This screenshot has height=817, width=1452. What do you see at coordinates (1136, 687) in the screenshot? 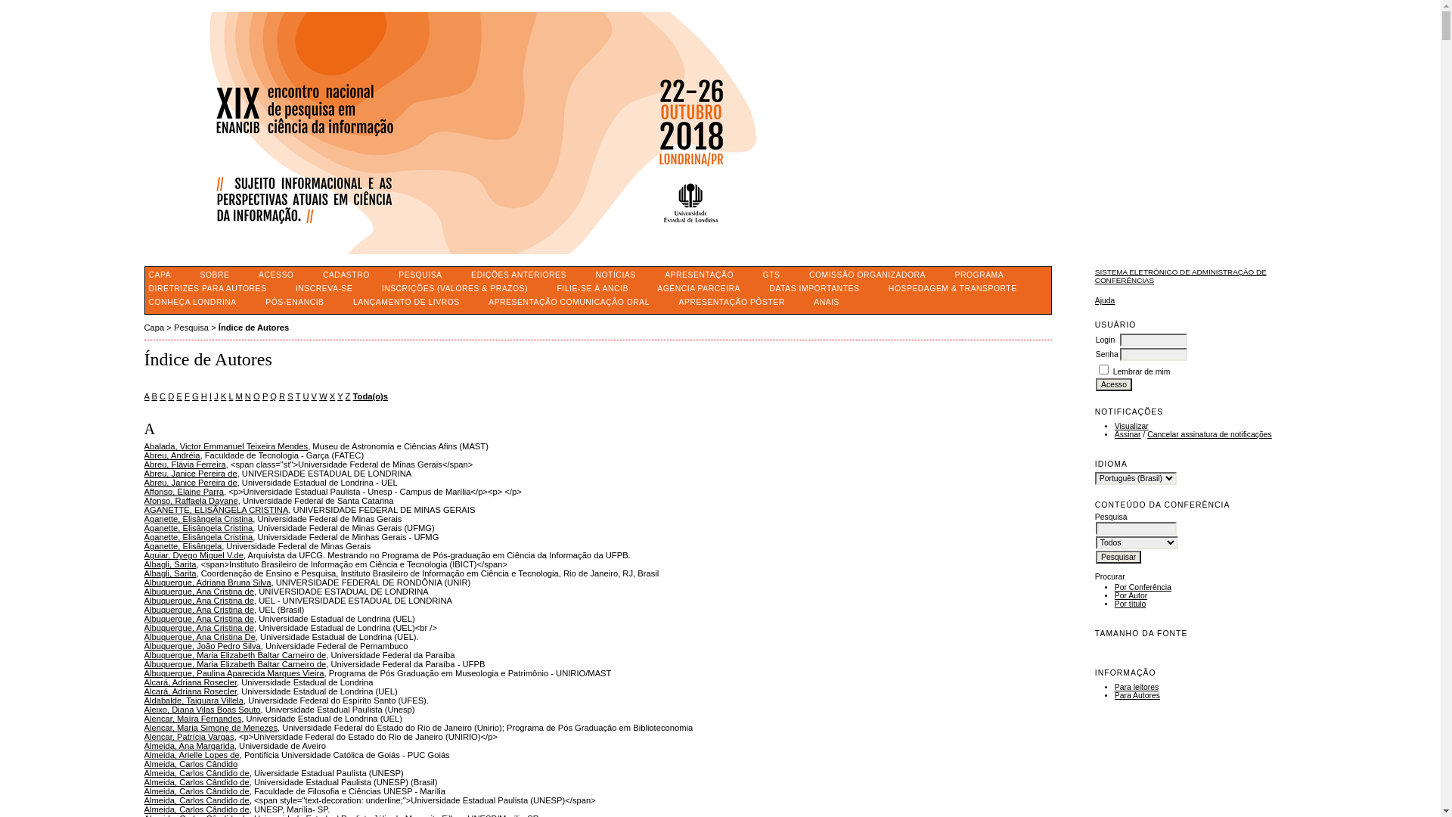
I see `'Para leitores'` at bounding box center [1136, 687].